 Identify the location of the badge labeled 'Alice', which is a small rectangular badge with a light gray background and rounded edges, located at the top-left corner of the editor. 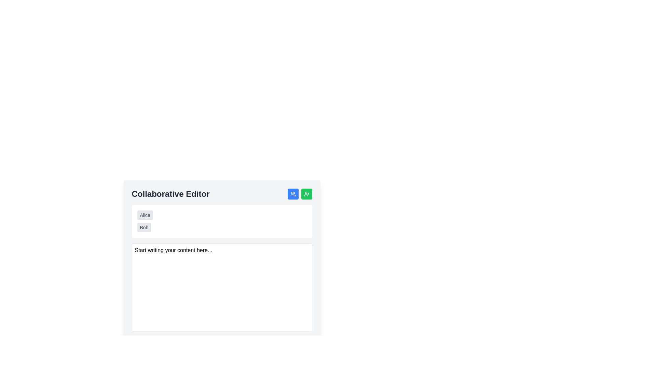
(145, 215).